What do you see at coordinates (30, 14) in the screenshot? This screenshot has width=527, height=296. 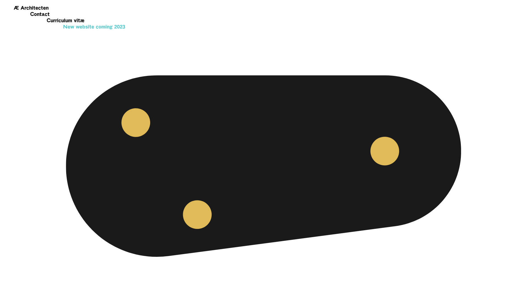 I see `'Contact'` at bounding box center [30, 14].